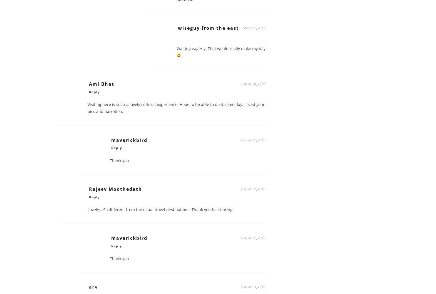 The width and height of the screenshot is (436, 294). I want to click on 'August 10, 2018', so click(241, 86).